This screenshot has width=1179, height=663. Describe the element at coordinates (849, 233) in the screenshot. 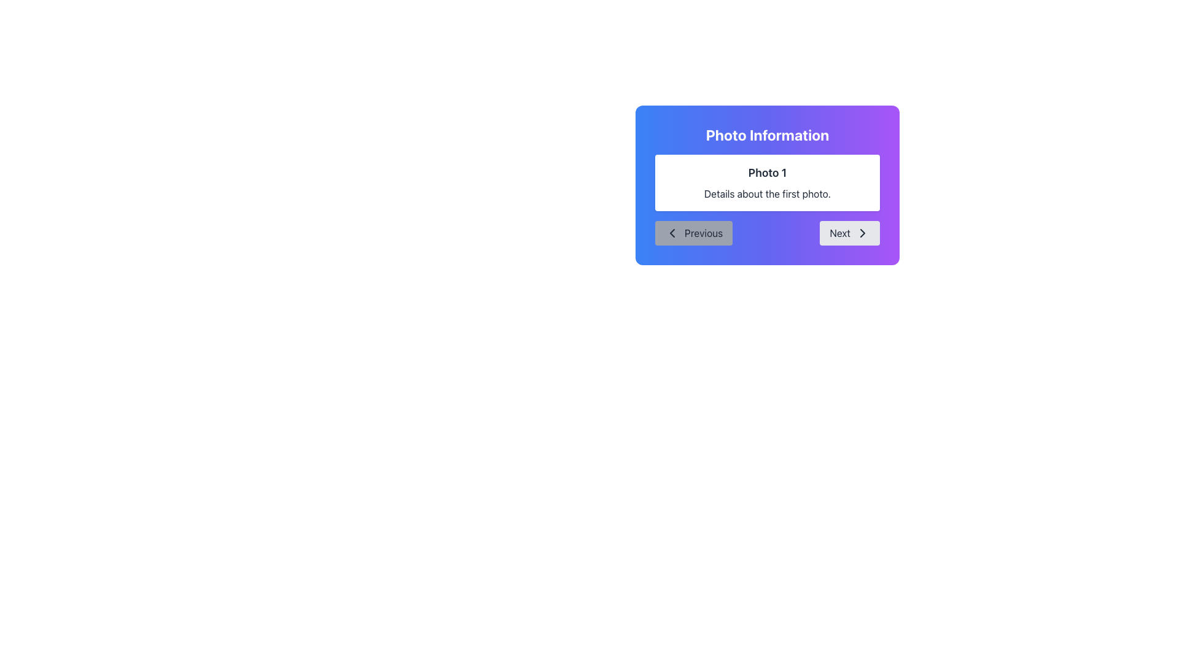

I see `the 'Next' button, which is a rounded rectangle with a light gray background and dark gray text, located in the bottom-right corner of the modal interface containing the 'Photo Information' title` at that location.